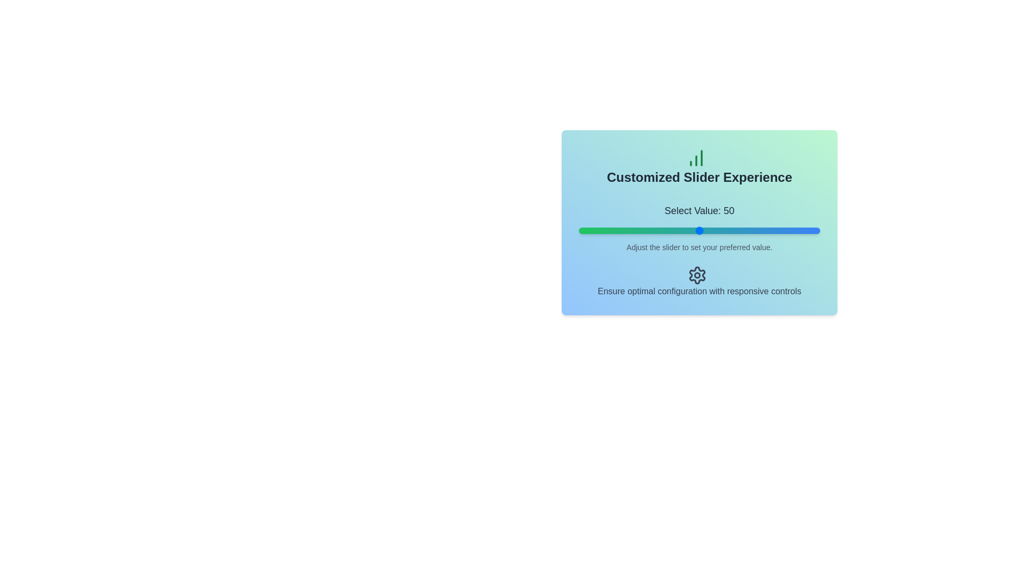 Image resolution: width=1034 pixels, height=581 pixels. I want to click on the bar_chart icon to access its functionality, so click(696, 158).